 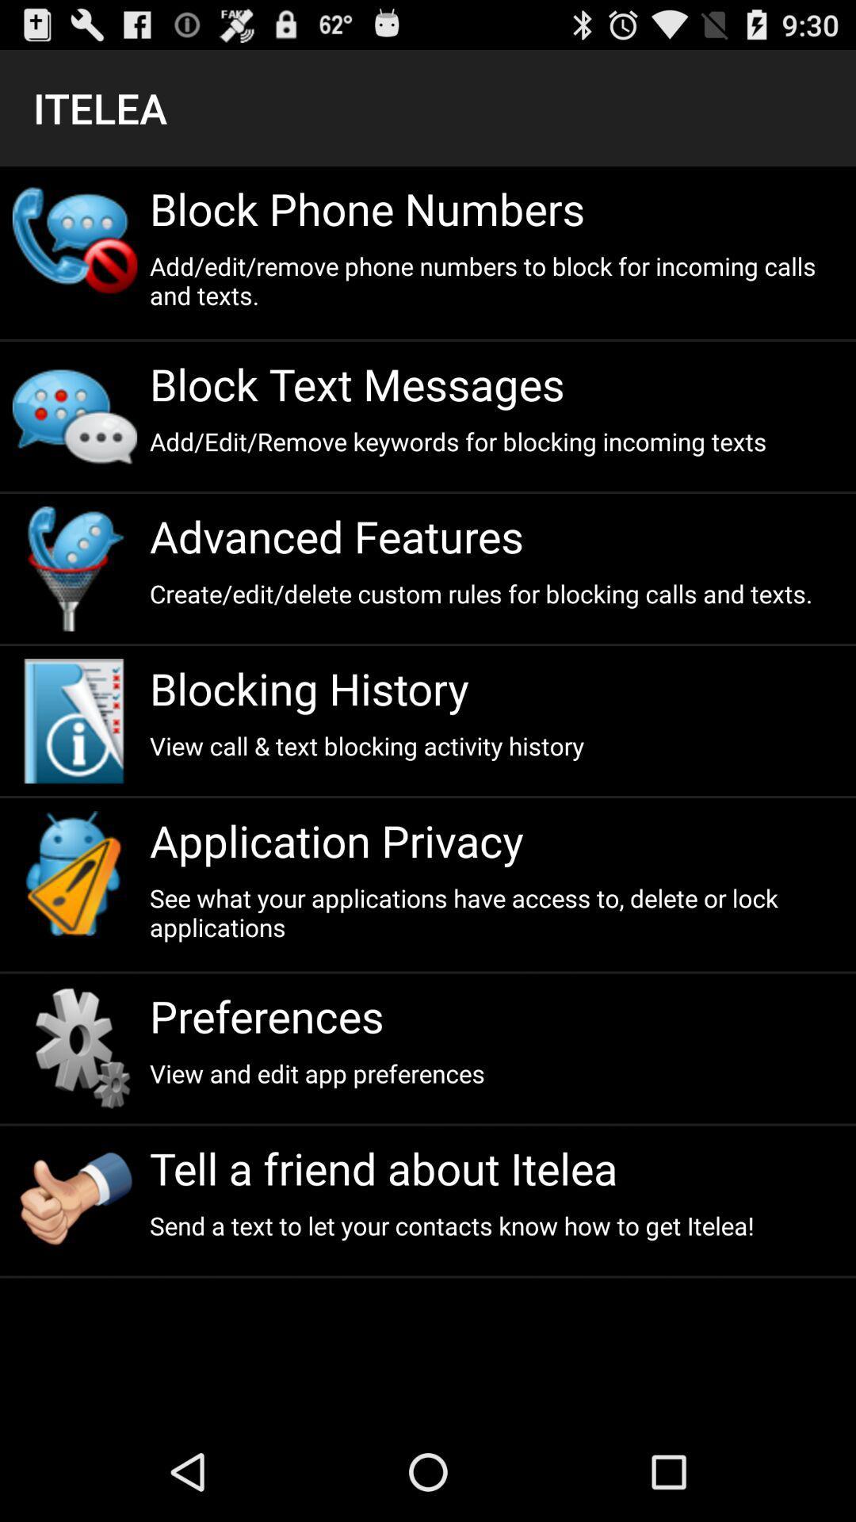 I want to click on the app below add edit remove icon, so click(x=495, y=384).